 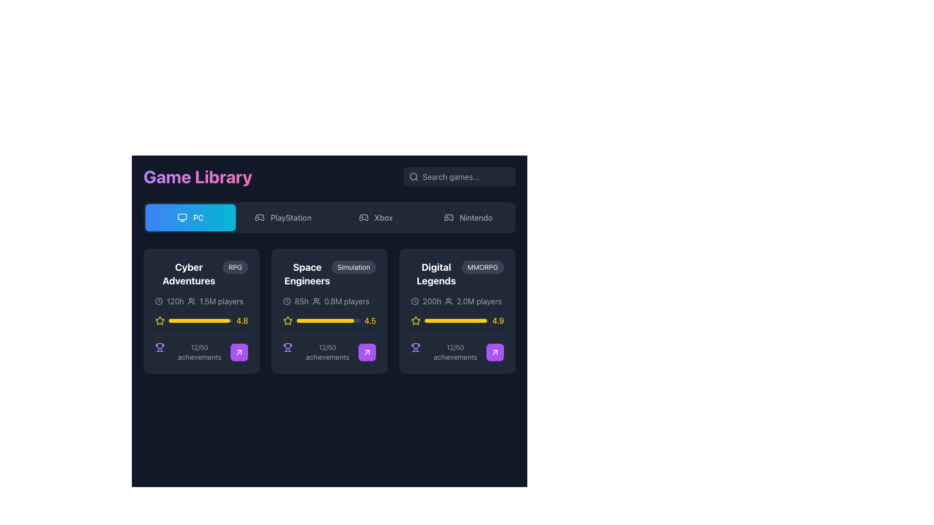 I want to click on the Informational display block located centrally within the 'Game Library' interface, directly below the title 'Cyber Adventures', so click(x=201, y=328).